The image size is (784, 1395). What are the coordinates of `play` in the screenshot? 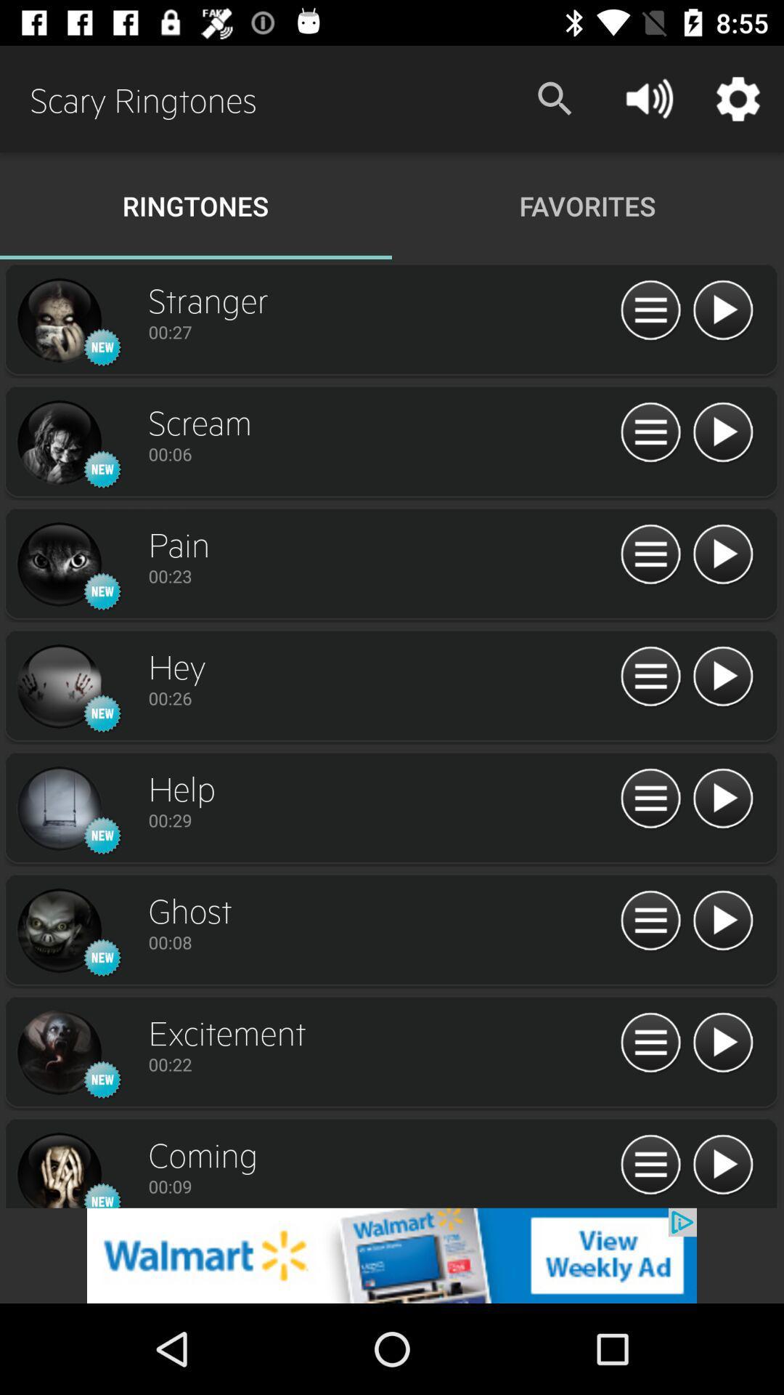 It's located at (722, 921).